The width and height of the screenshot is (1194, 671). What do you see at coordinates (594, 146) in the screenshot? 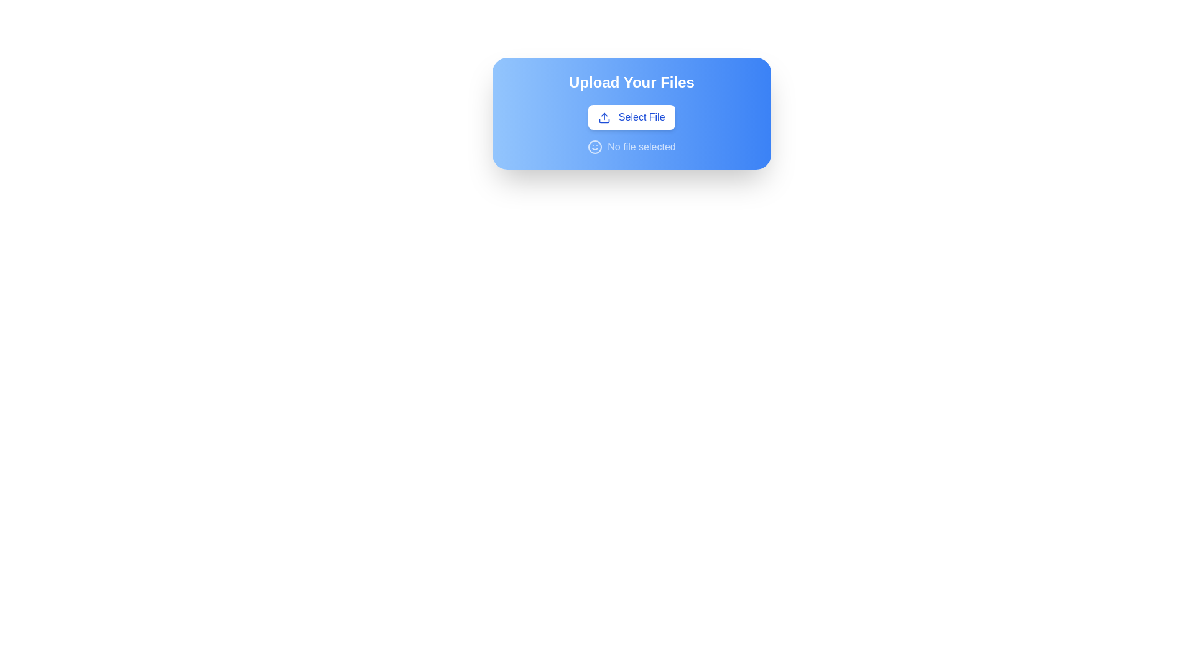
I see `attributes of the SVG circle element that is the central part of the smiley face icon located within the 'No file selected' area beneath the 'Select File' button` at bounding box center [594, 146].